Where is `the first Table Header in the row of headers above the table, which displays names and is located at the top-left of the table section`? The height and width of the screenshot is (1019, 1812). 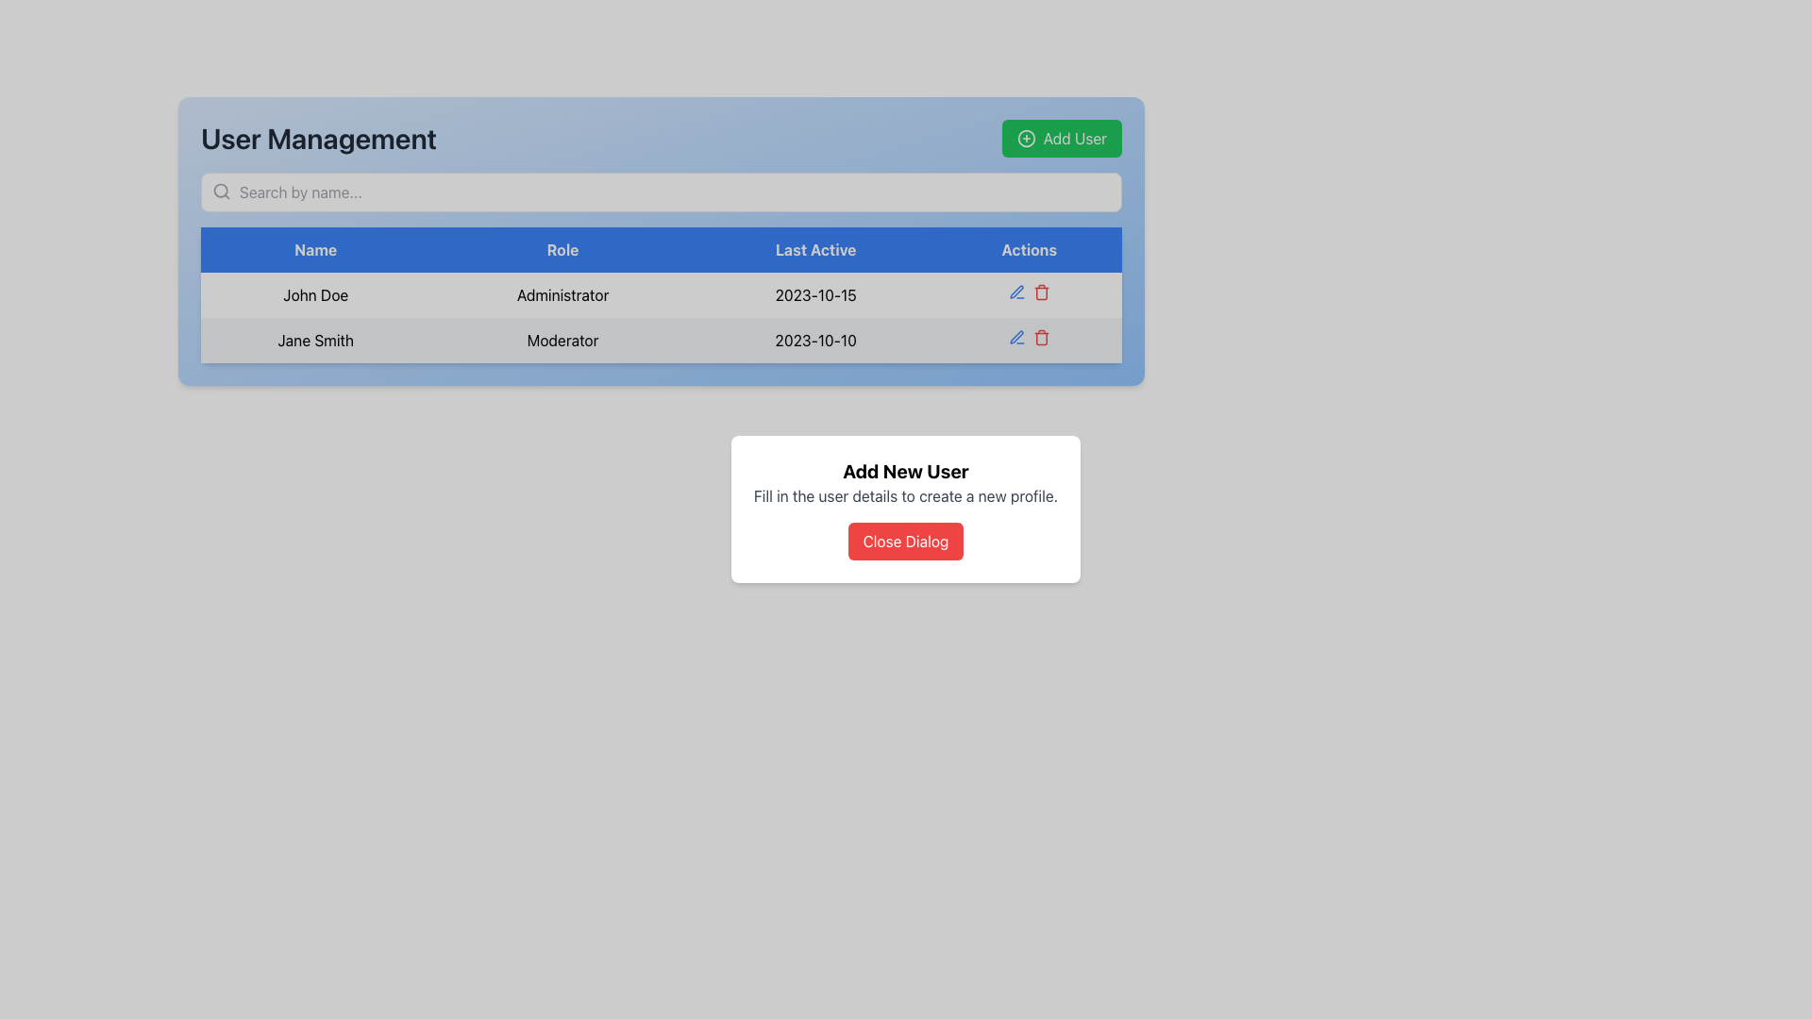 the first Table Header in the row of headers above the table, which displays names and is located at the top-left of the table section is located at coordinates (315, 249).